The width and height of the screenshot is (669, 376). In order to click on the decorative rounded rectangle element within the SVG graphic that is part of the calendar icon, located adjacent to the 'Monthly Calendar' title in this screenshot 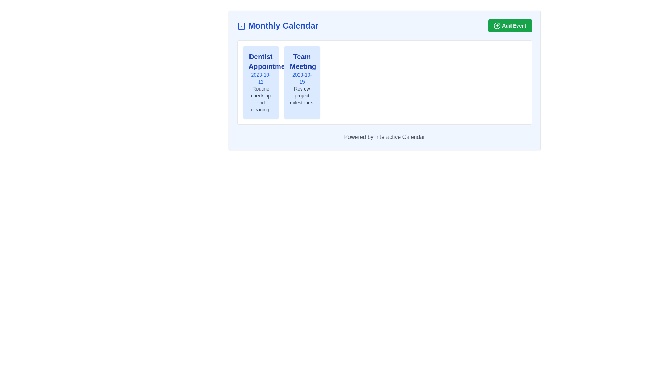, I will do `click(241, 25)`.